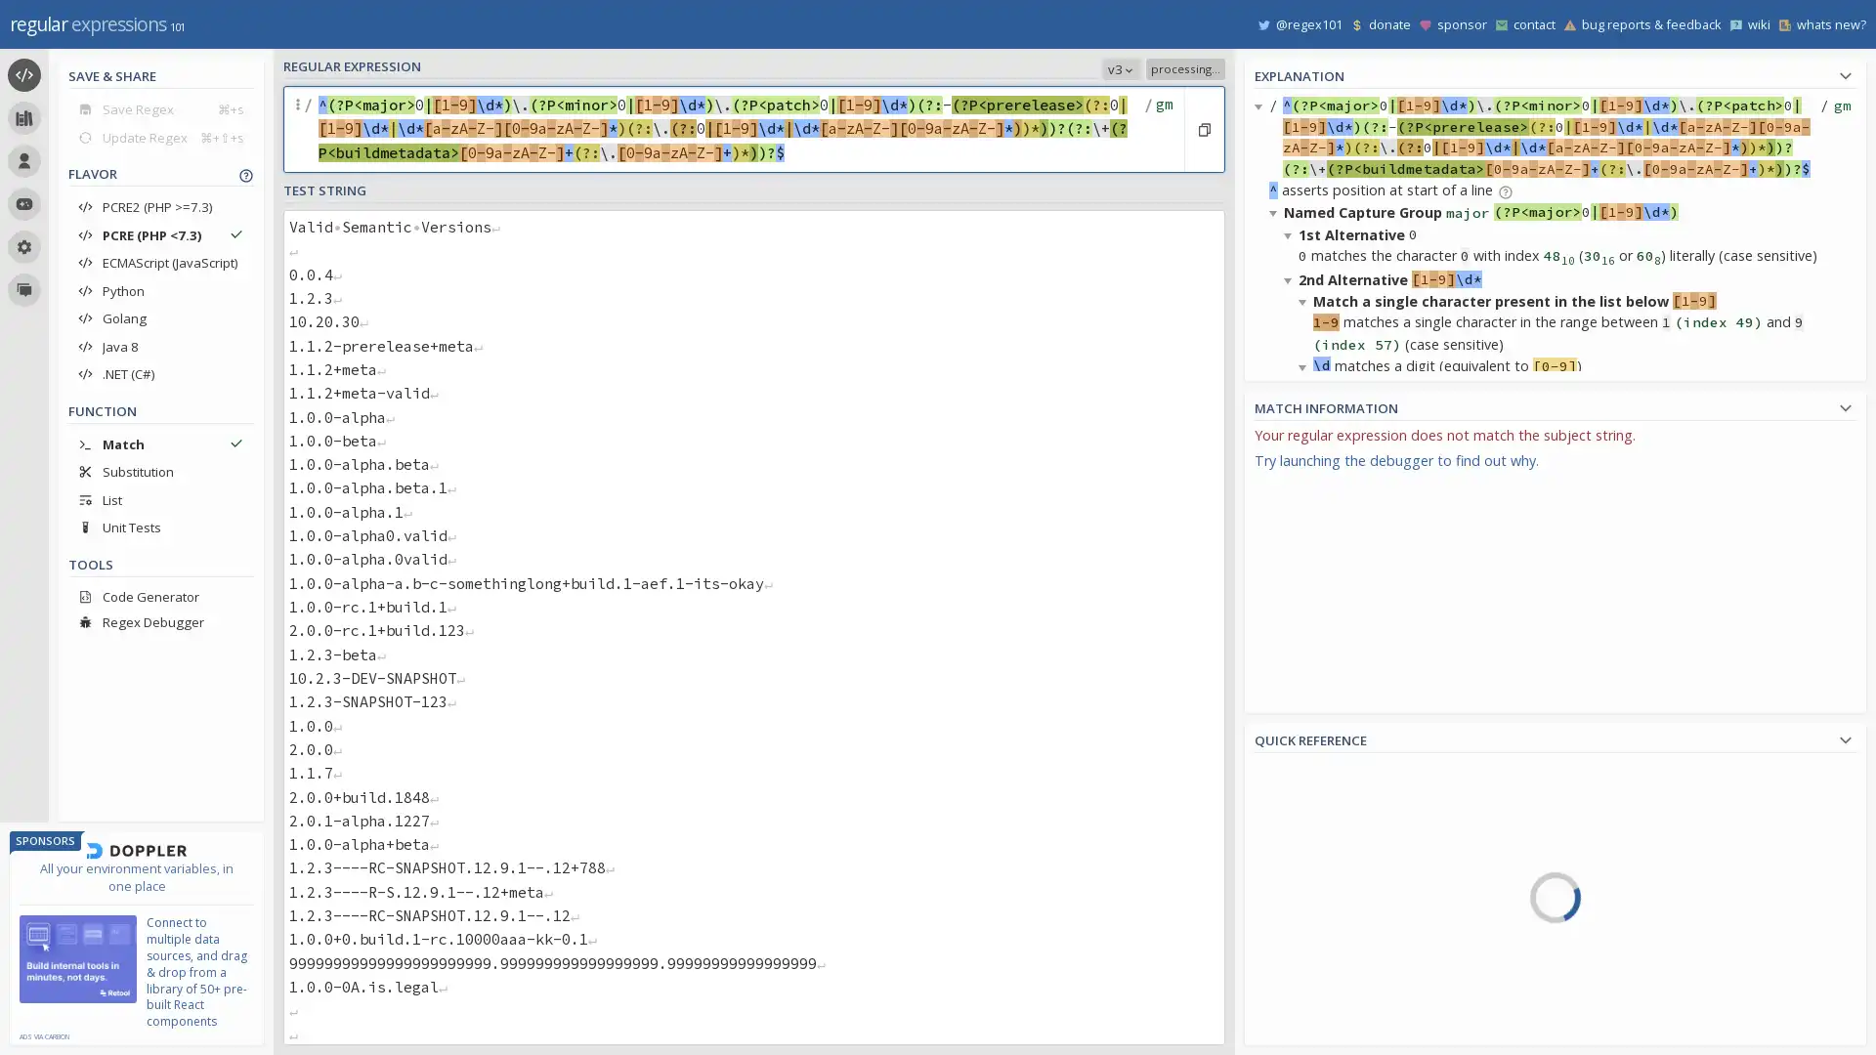 This screenshot has width=1876, height=1055. I want to click on Match 2, so click(1306, 608).